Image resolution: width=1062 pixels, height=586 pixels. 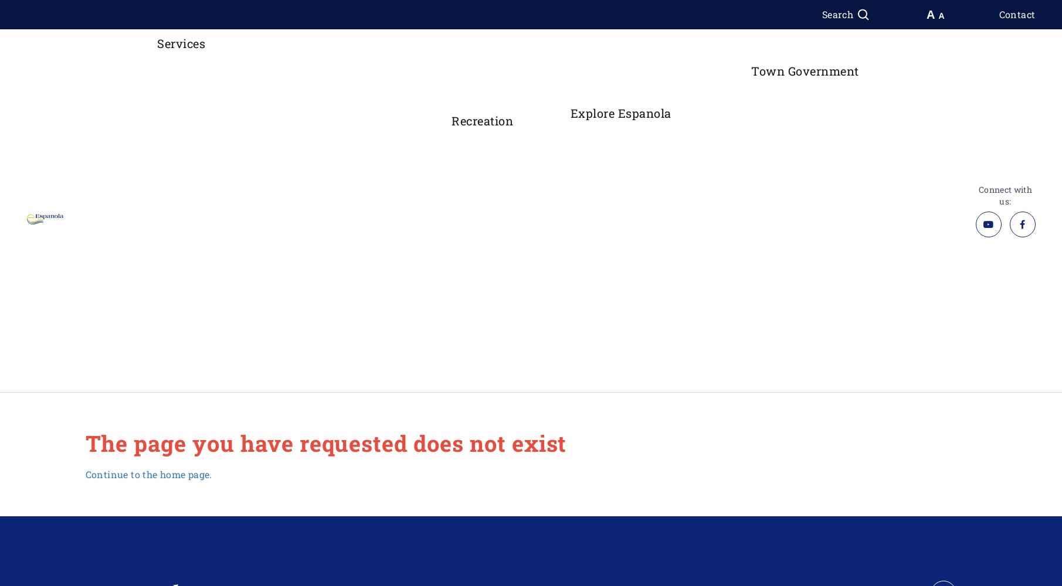 I want to click on 'Property Taxes & Utilities', so click(x=179, y=334).